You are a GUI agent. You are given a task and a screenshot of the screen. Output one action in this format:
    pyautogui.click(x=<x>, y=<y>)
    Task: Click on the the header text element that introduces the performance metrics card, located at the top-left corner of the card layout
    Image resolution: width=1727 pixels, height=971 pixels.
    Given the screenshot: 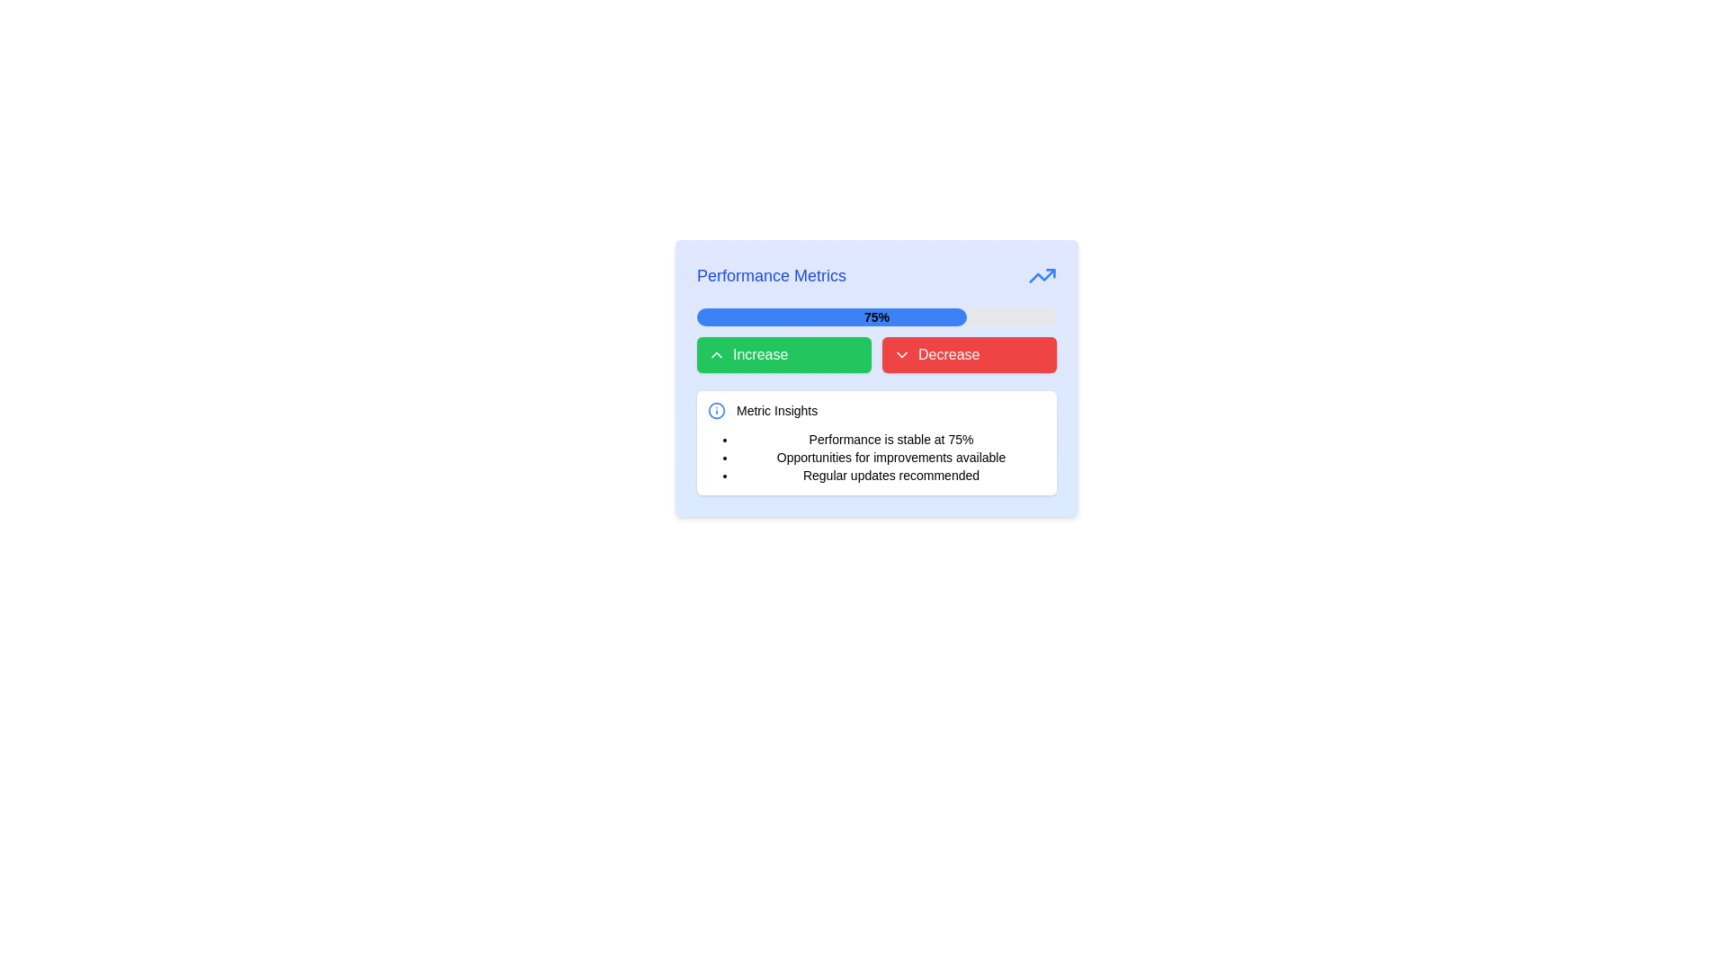 What is the action you would take?
    pyautogui.click(x=772, y=276)
    